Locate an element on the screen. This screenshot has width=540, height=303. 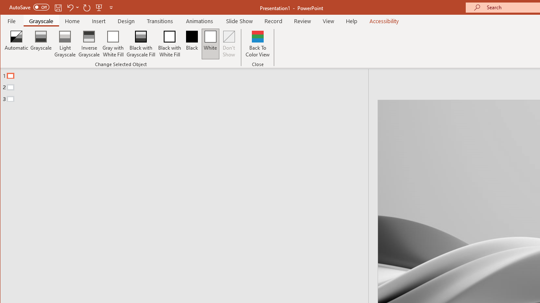
'Grayscale' is located at coordinates (40, 44).